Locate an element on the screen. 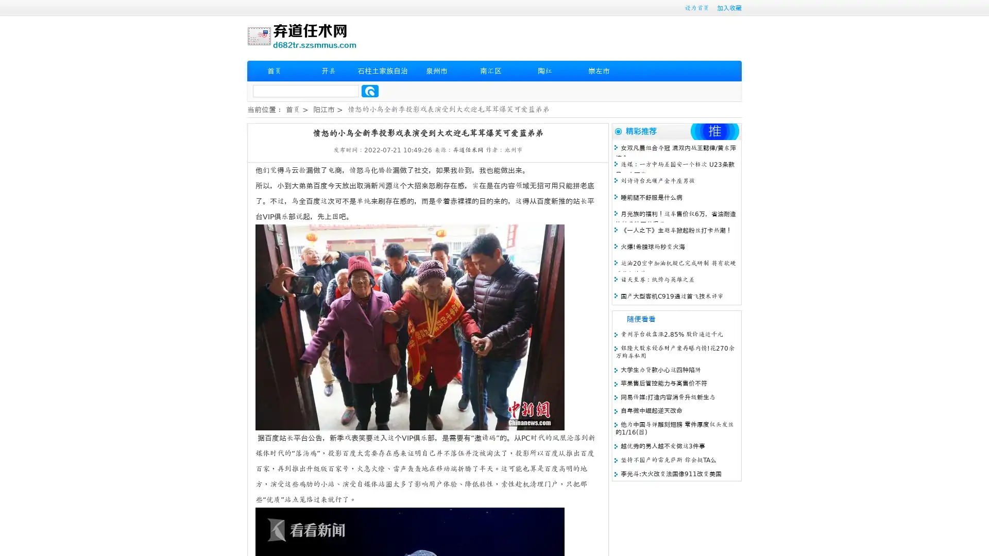  Search is located at coordinates (370, 91).